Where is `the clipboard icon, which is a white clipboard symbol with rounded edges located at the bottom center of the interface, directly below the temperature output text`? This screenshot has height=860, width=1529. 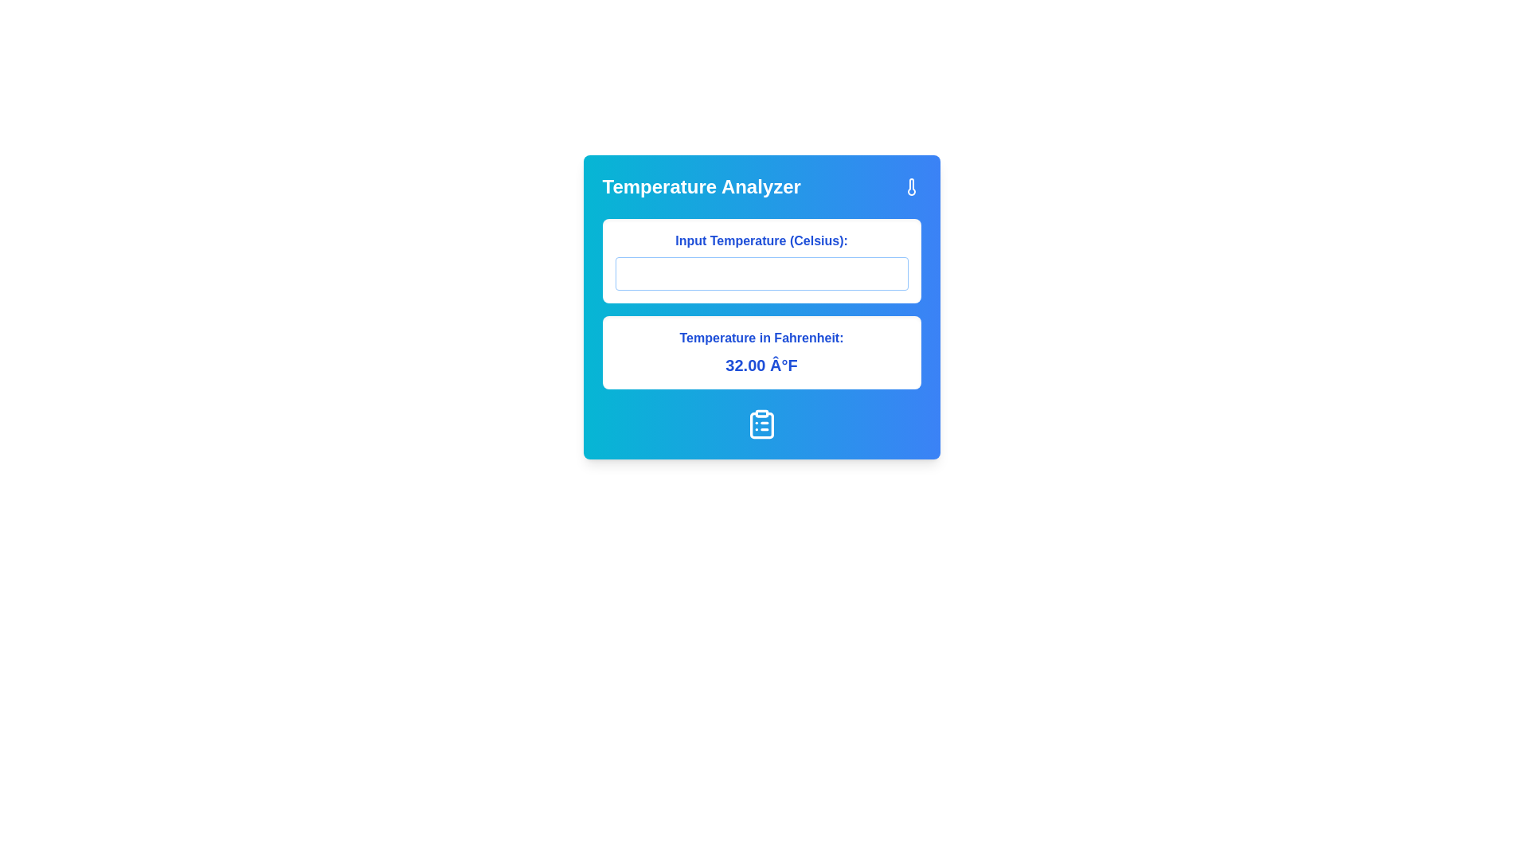 the clipboard icon, which is a white clipboard symbol with rounded edges located at the bottom center of the interface, directly below the temperature output text is located at coordinates (761, 423).